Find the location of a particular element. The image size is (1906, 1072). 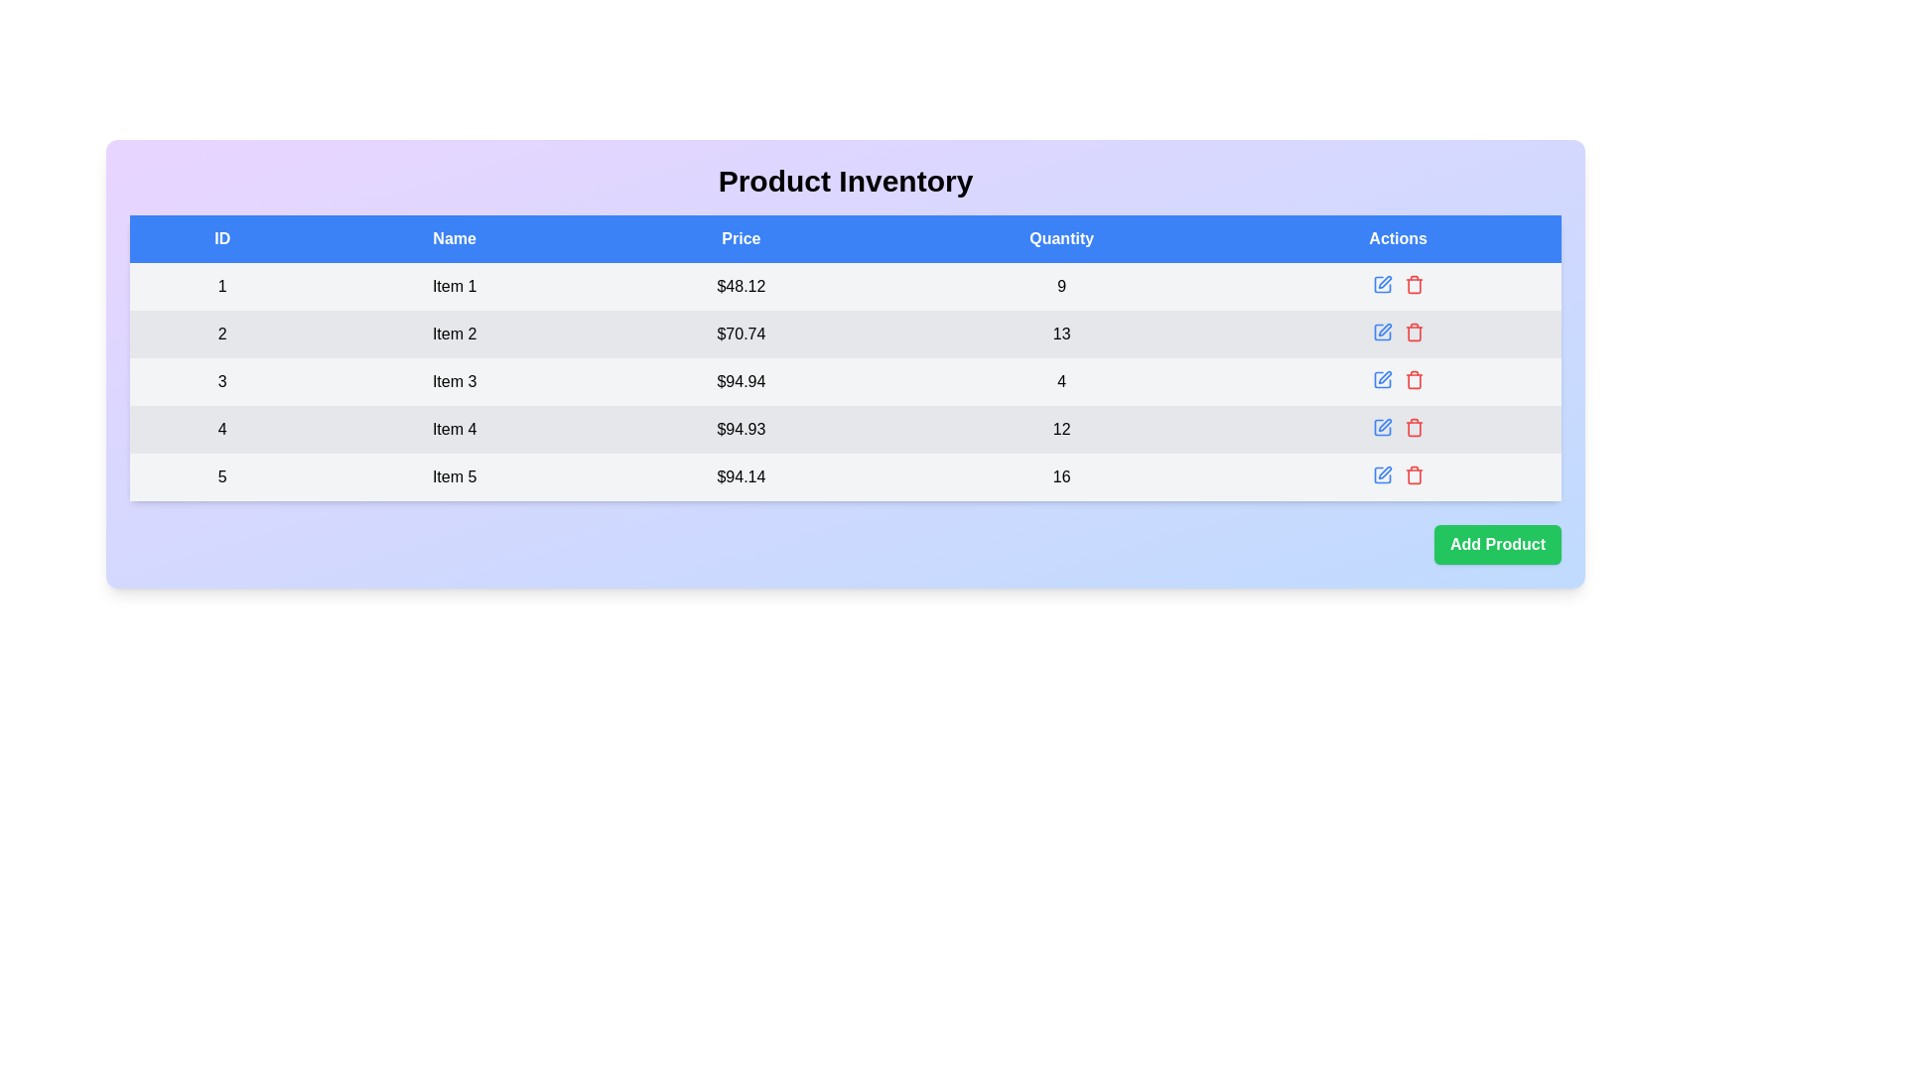

the label displaying 'Item 3', which is located in the second column of the third row of the table layout is located at coordinates (454, 382).